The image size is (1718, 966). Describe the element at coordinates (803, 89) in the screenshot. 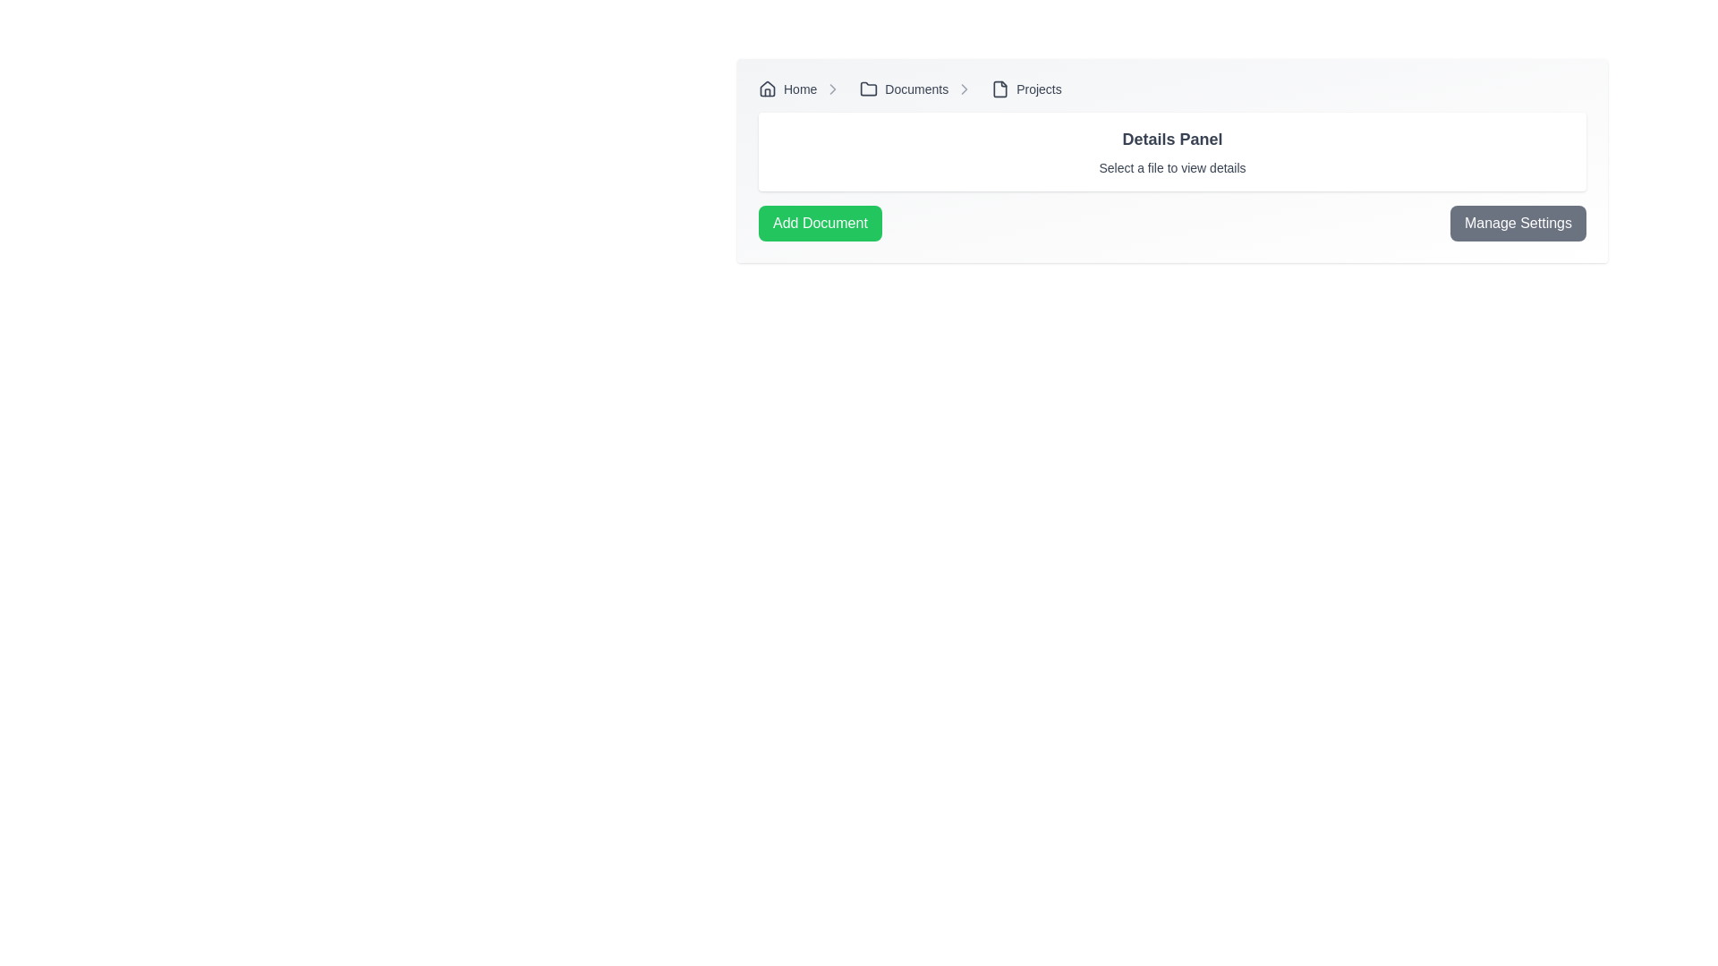

I see `the first Breadcrumb Link` at that location.